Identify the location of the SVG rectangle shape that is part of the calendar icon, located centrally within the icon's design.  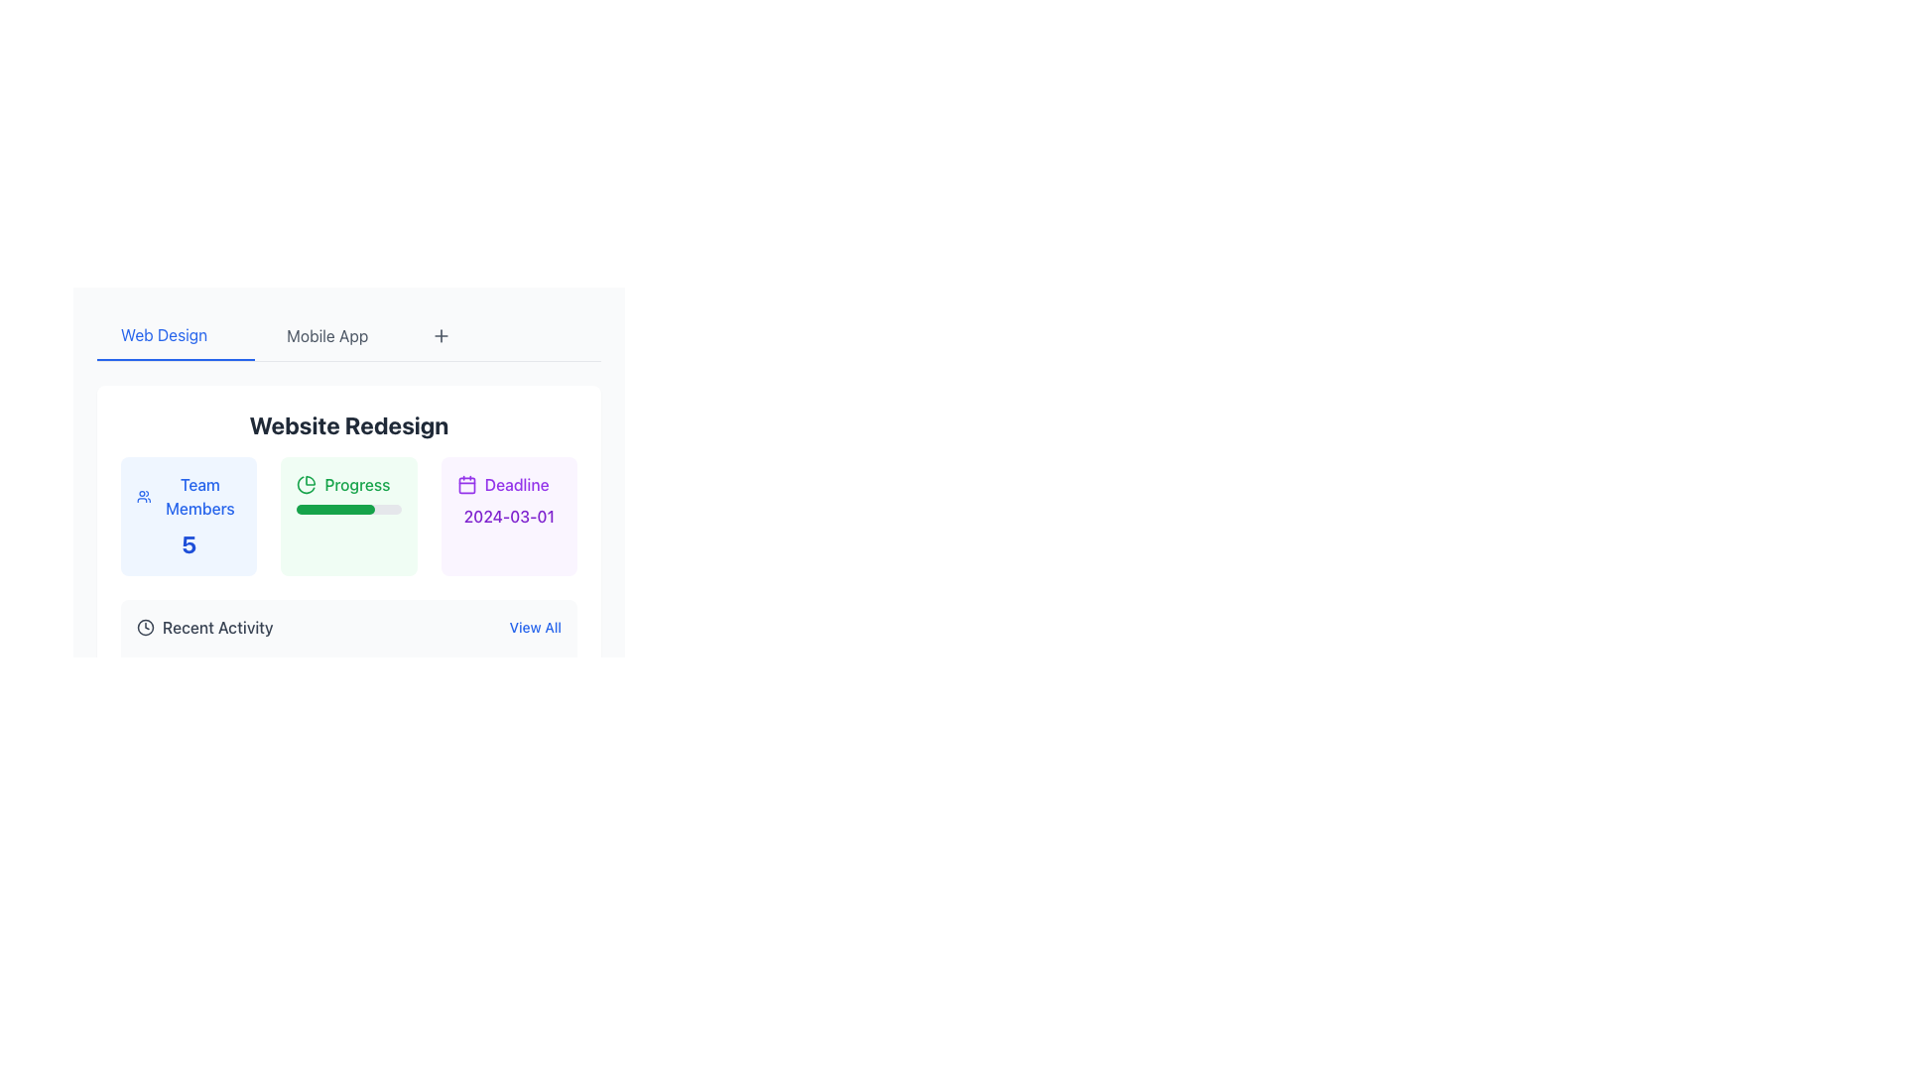
(465, 485).